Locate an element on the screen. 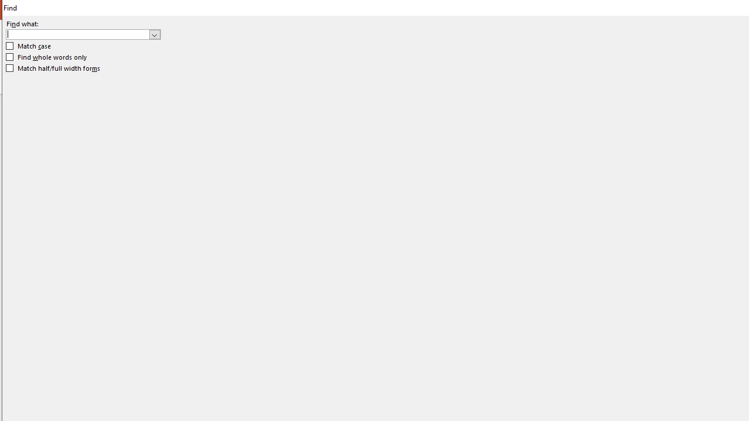 The width and height of the screenshot is (749, 421). 'Find whole words only' is located at coordinates (47, 57).